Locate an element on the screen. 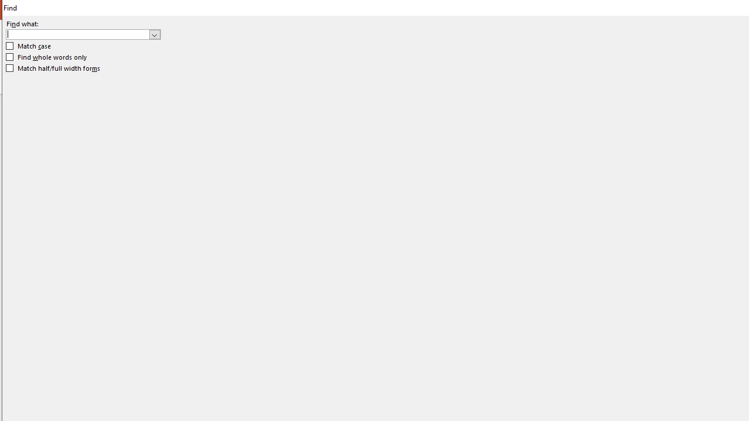 The width and height of the screenshot is (749, 421). 'Find whole words only' is located at coordinates (47, 57).